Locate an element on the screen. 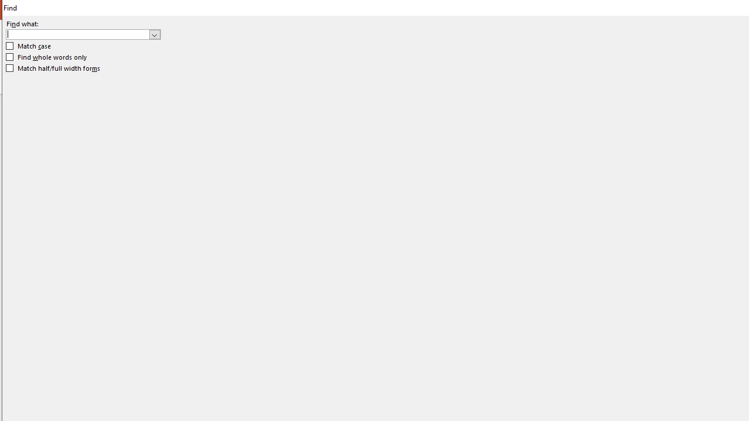 The width and height of the screenshot is (749, 421). 'Find whole words only' is located at coordinates (47, 57).